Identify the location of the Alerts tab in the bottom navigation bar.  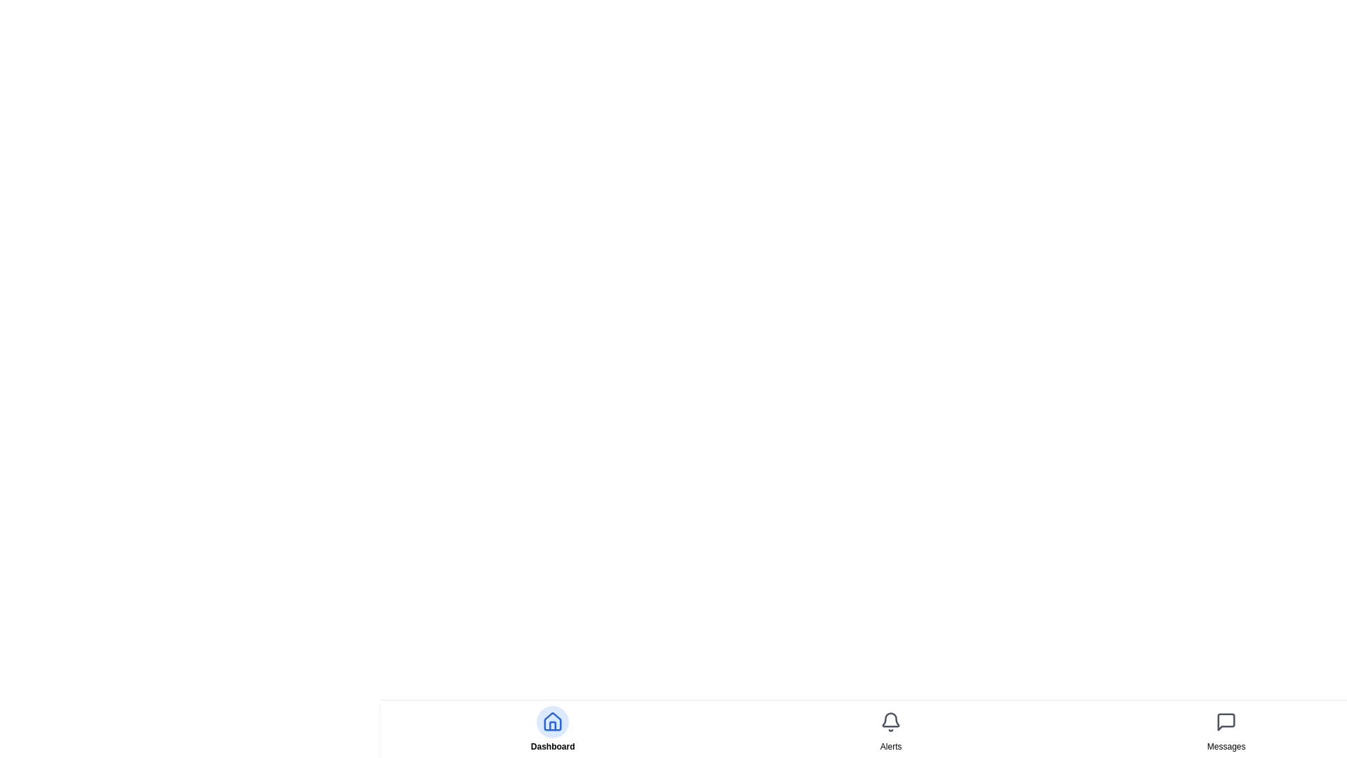
(890, 728).